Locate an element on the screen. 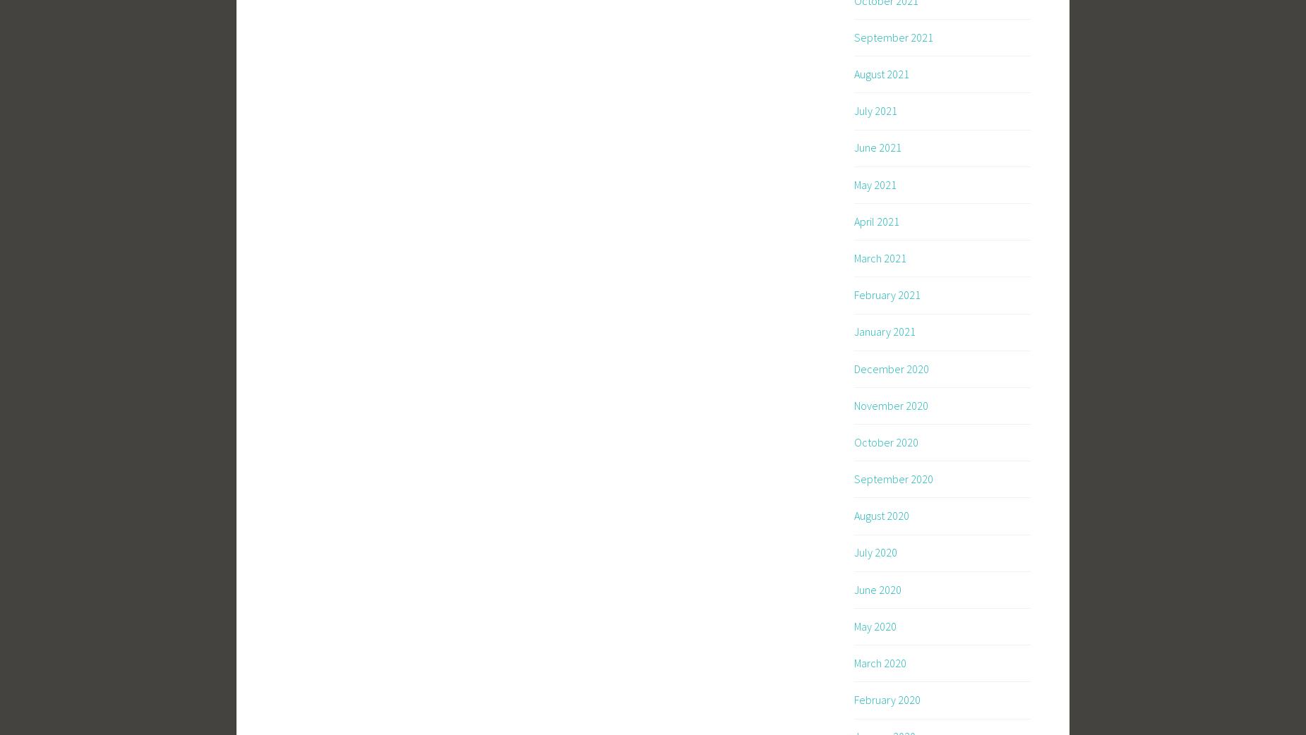  'February 2020' is located at coordinates (853, 699).